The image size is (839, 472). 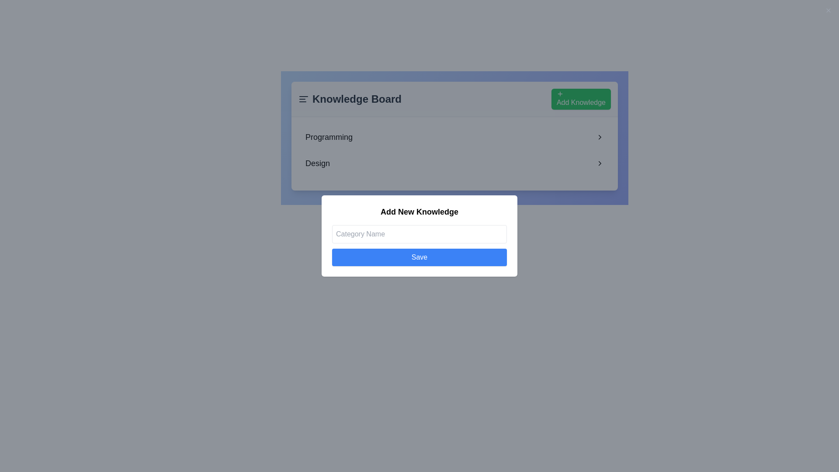 I want to click on the close button in the top-right corner of the 'Add New Knowledge' modal, so click(x=828, y=10).